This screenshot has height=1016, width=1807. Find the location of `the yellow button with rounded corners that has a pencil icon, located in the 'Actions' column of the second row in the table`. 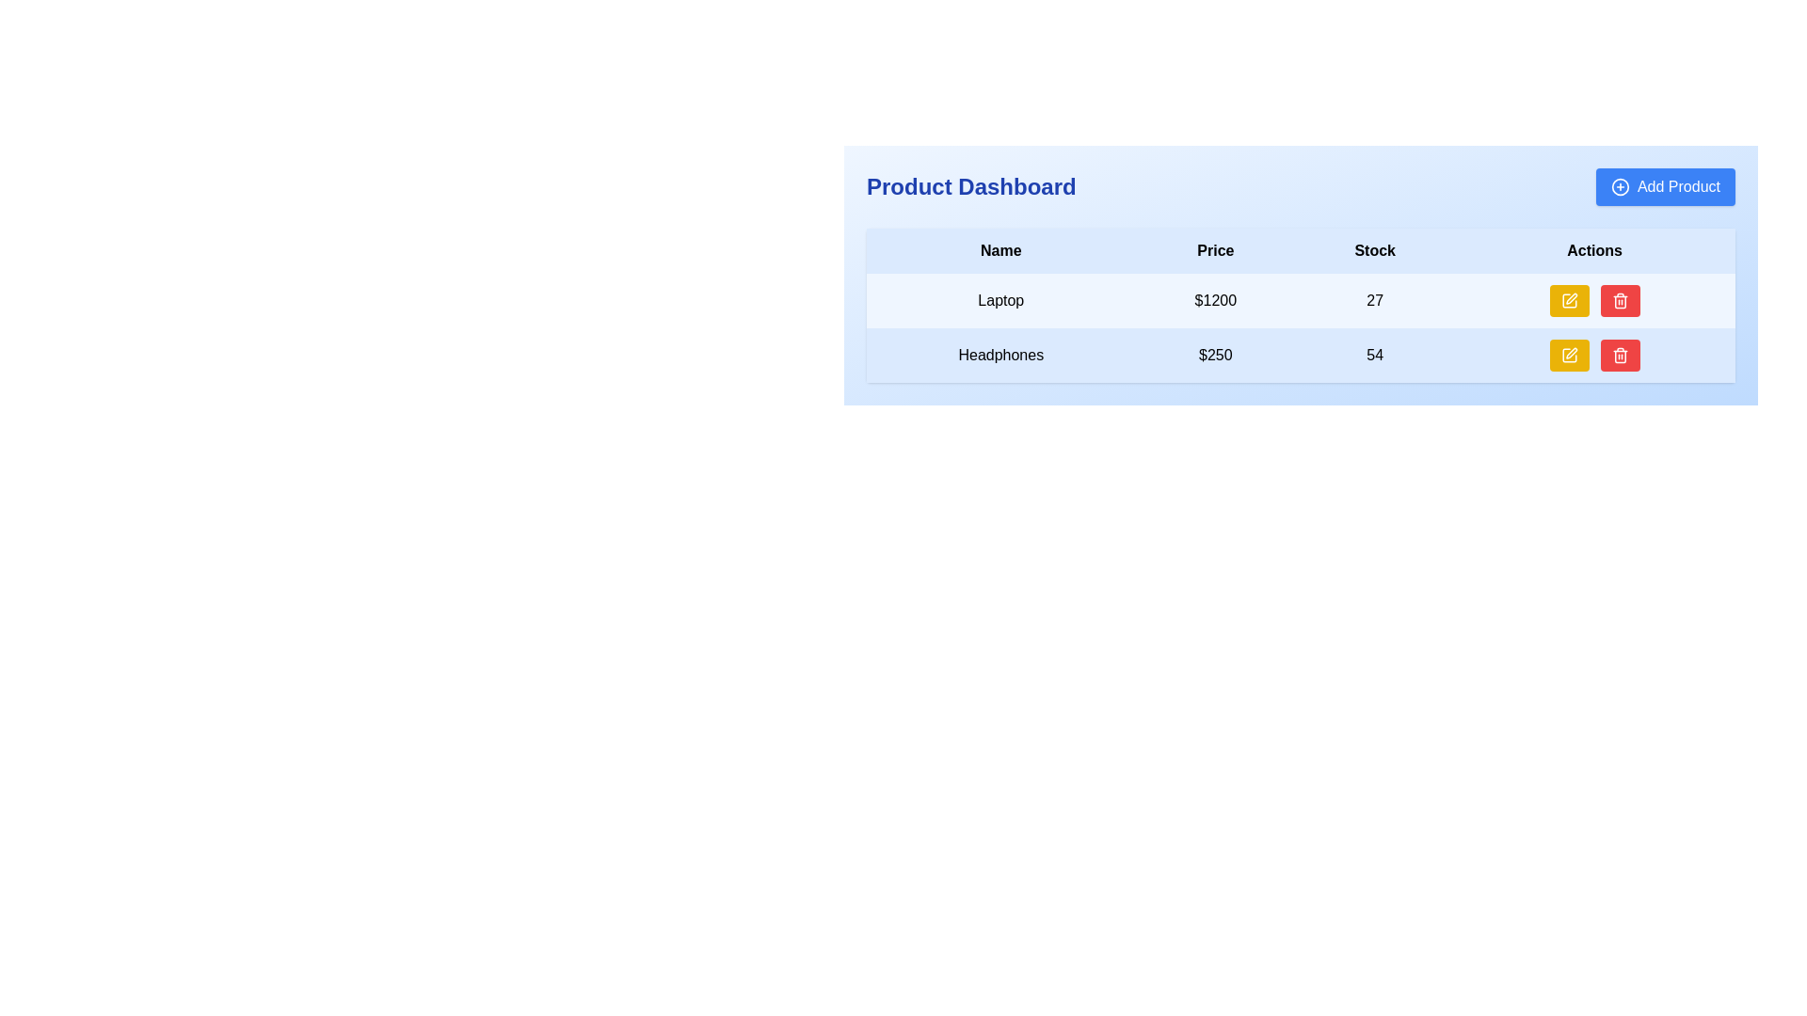

the yellow button with rounded corners that has a pencil icon, located in the 'Actions' column of the second row in the table is located at coordinates (1569, 356).